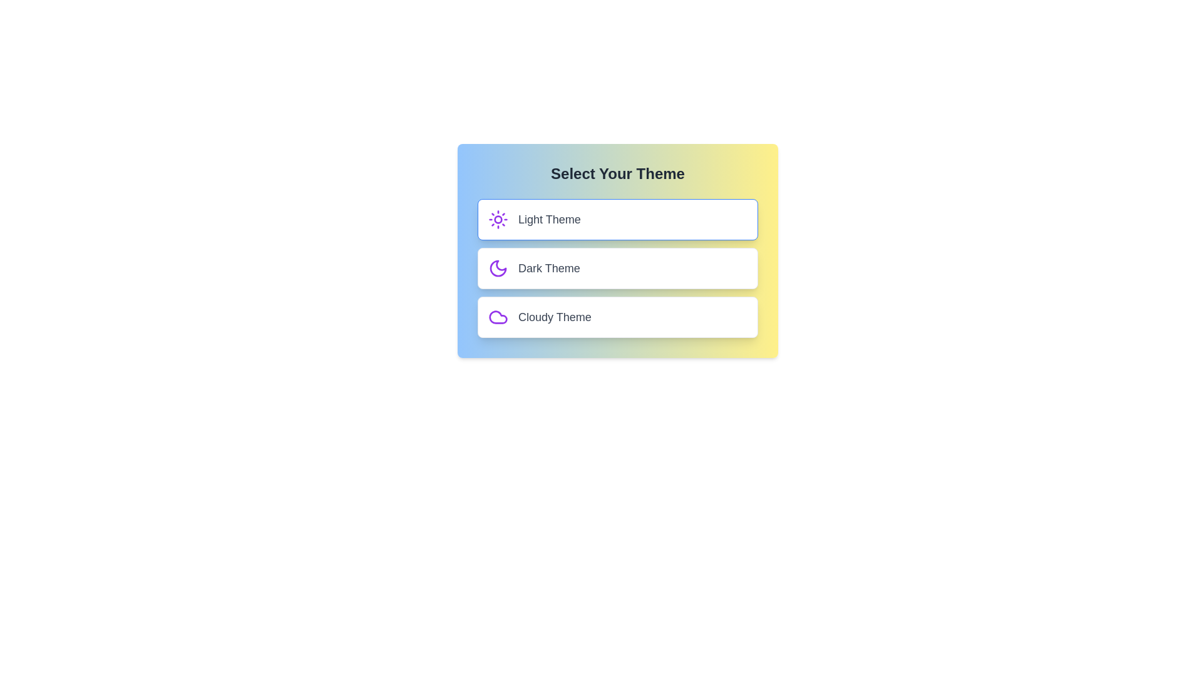 The height and width of the screenshot is (676, 1202). Describe the element at coordinates (498, 219) in the screenshot. I see `the circular icon representing the 'Light Theme' option, which is centrally positioned within the sun icon` at that location.